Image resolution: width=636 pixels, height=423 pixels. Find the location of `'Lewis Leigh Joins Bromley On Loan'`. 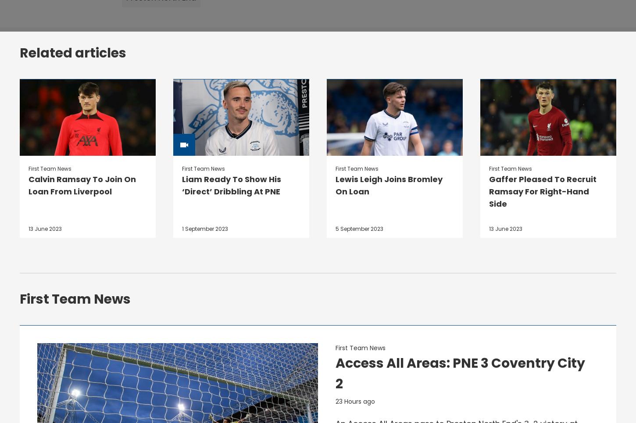

'Lewis Leigh Joins Bromley On Loan' is located at coordinates (336, 185).